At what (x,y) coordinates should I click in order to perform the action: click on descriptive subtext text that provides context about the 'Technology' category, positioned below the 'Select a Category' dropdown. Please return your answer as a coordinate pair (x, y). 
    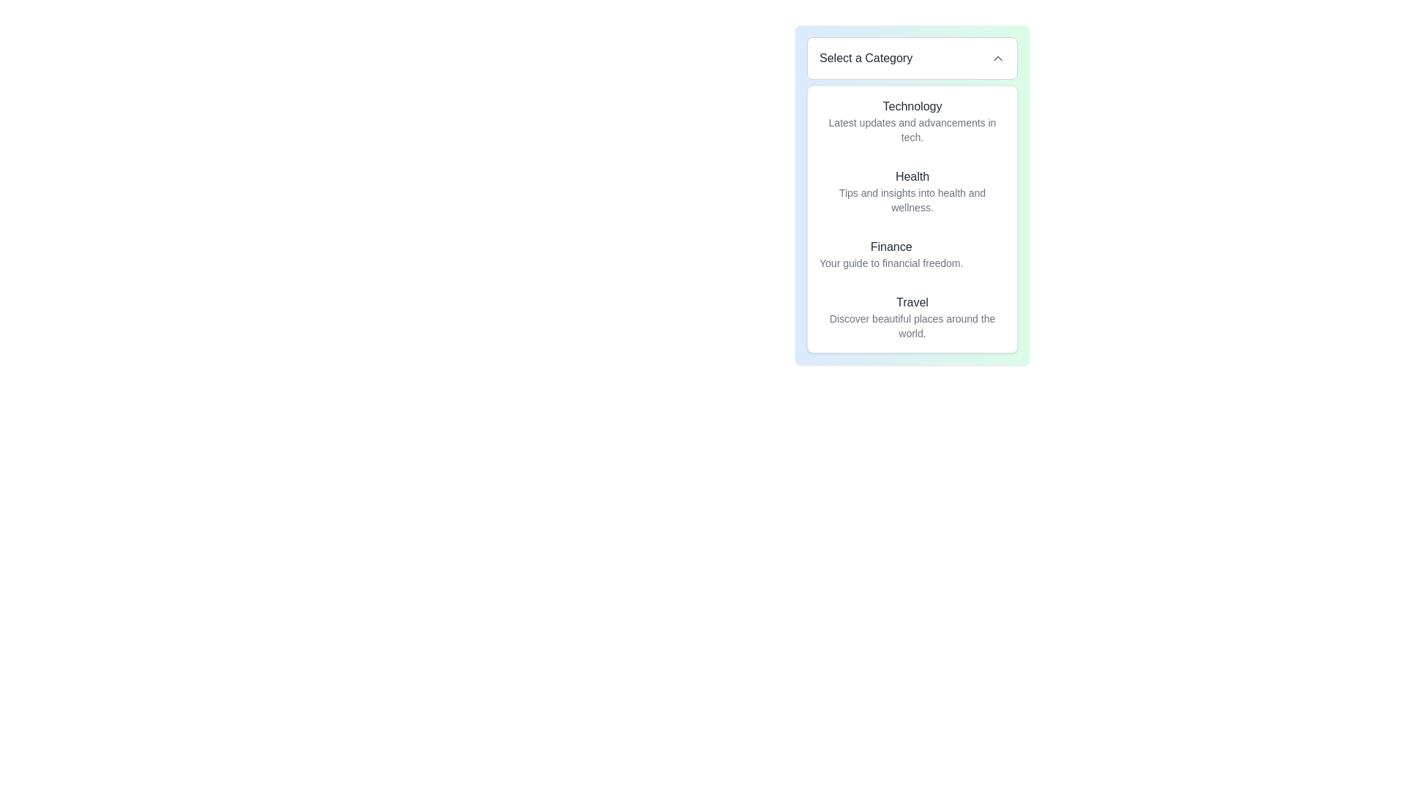
    Looking at the image, I should click on (912, 129).